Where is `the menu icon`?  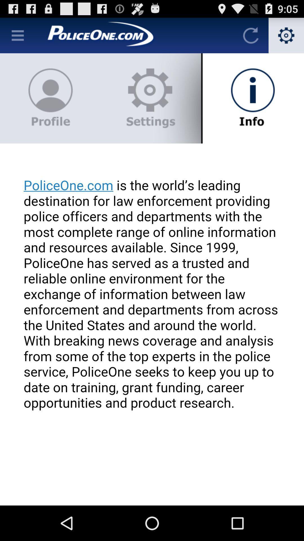 the menu icon is located at coordinates (17, 37).